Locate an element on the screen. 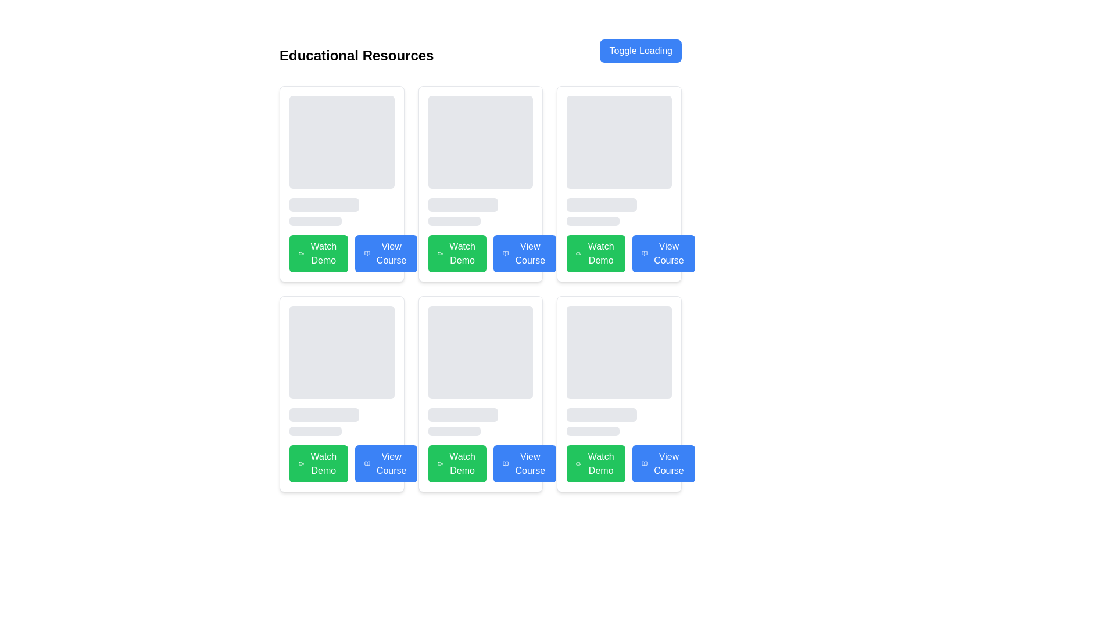  the video icon SVG located within the 'Watch Demo' green button, positioned in the bottom-right card of a 3x2 grid is located at coordinates (578, 463).